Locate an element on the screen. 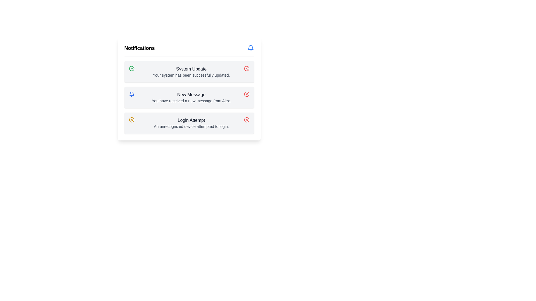  the dismiss button located in the bottom-right corner of the 'Login Attempt' notification card is located at coordinates (246, 119).